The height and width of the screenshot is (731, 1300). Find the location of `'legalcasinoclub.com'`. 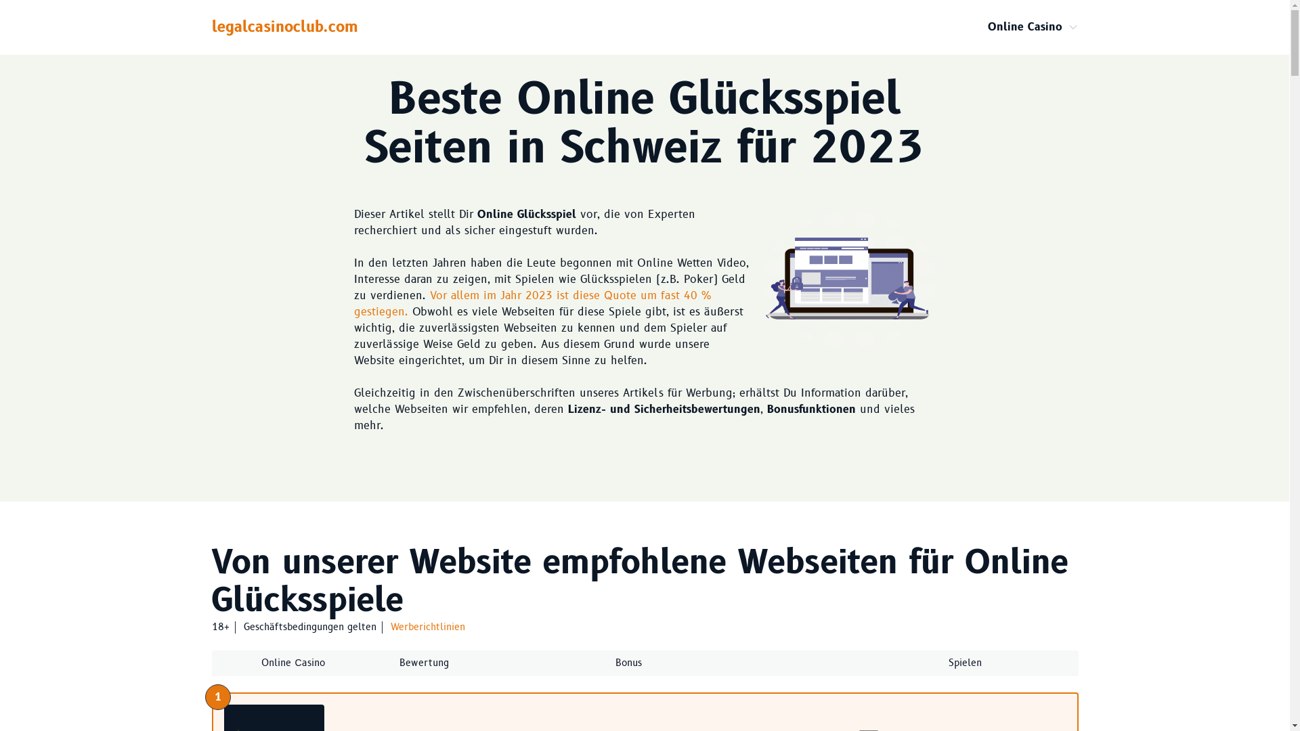

'legalcasinoclub.com' is located at coordinates (211, 26).